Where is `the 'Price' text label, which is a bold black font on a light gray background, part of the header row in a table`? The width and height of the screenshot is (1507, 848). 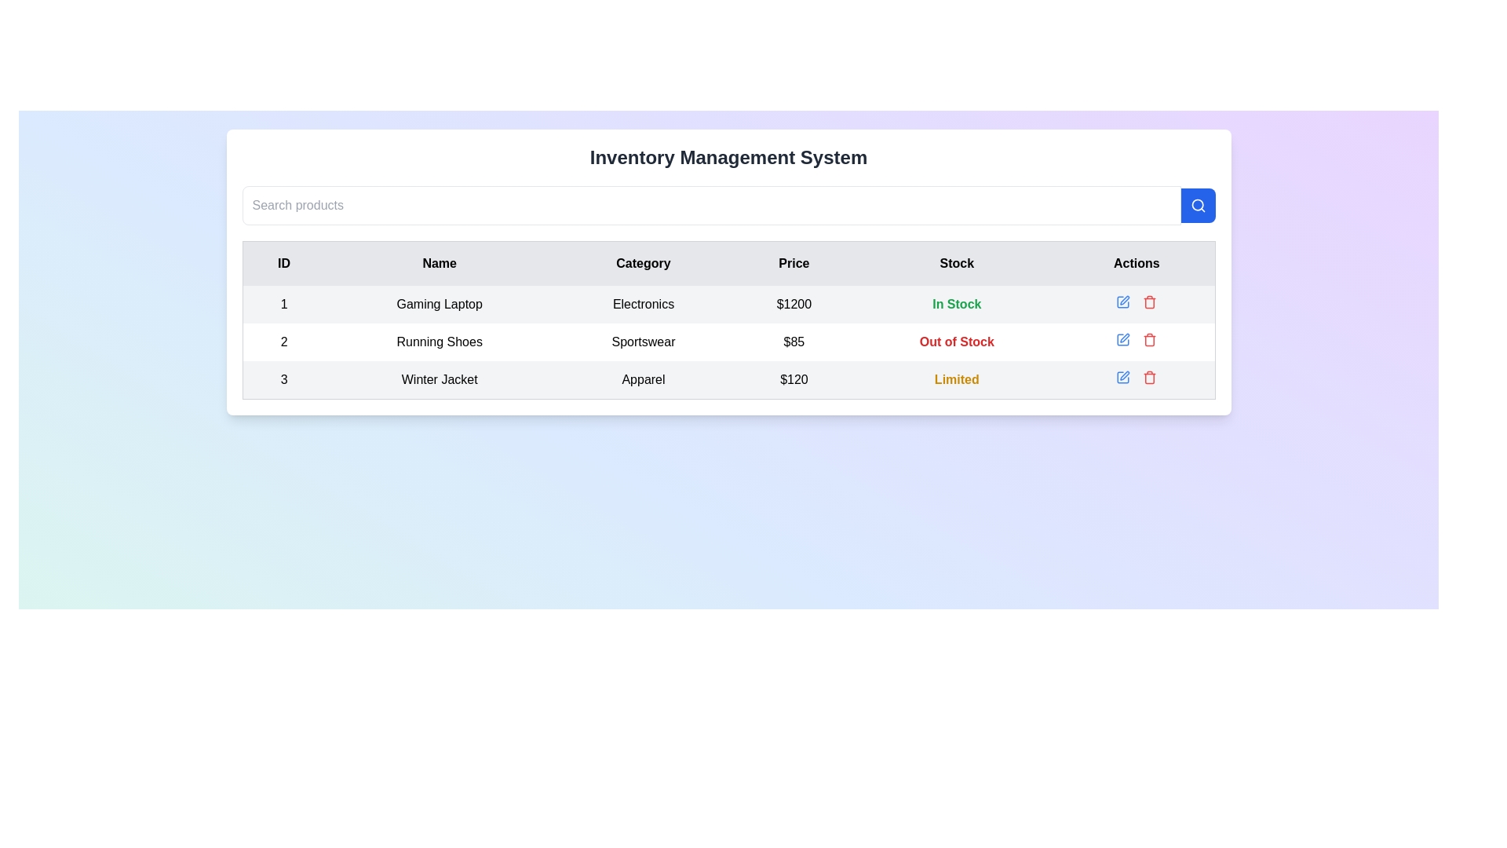 the 'Price' text label, which is a bold black font on a light gray background, part of the header row in a table is located at coordinates (794, 262).